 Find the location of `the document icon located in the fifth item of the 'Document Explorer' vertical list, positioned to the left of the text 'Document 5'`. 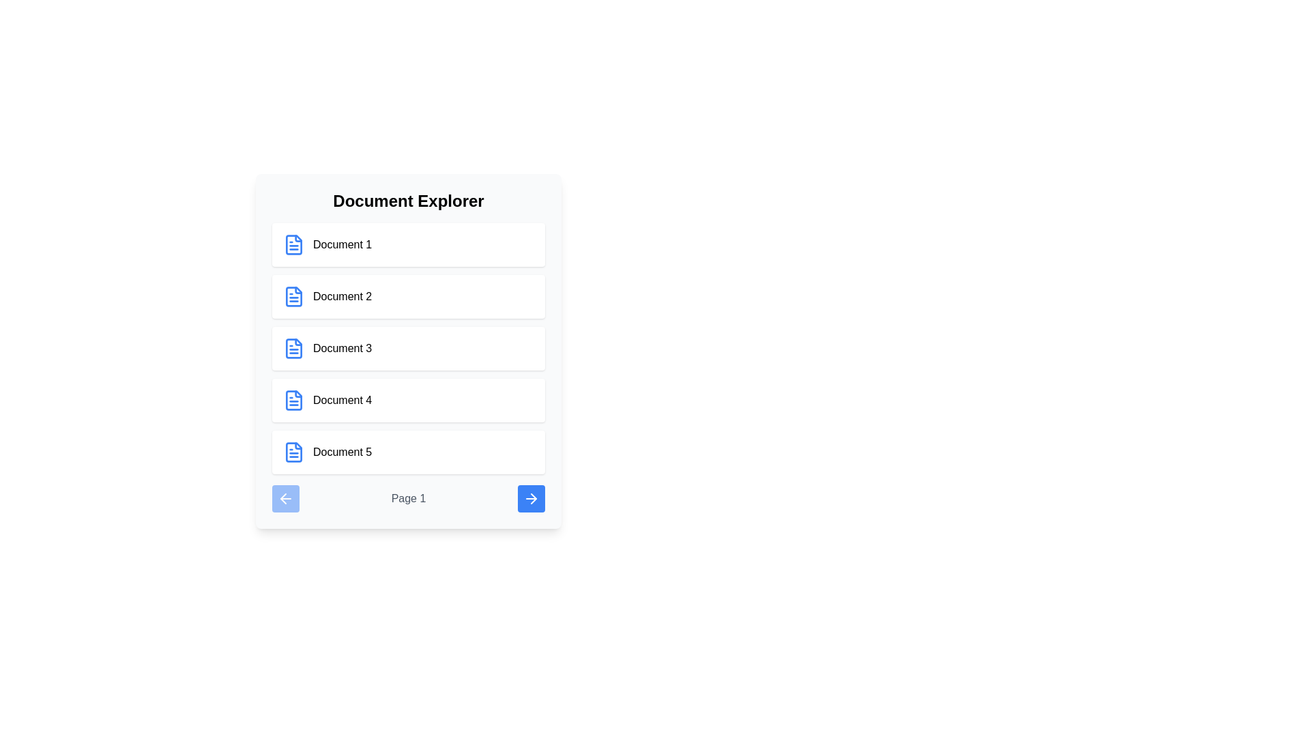

the document icon located in the fifth item of the 'Document Explorer' vertical list, positioned to the left of the text 'Document 5' is located at coordinates (293, 452).